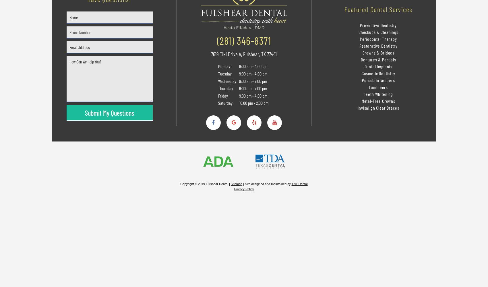 Image resolution: width=488 pixels, height=287 pixels. What do you see at coordinates (223, 66) in the screenshot?
I see `'Monday'` at bounding box center [223, 66].